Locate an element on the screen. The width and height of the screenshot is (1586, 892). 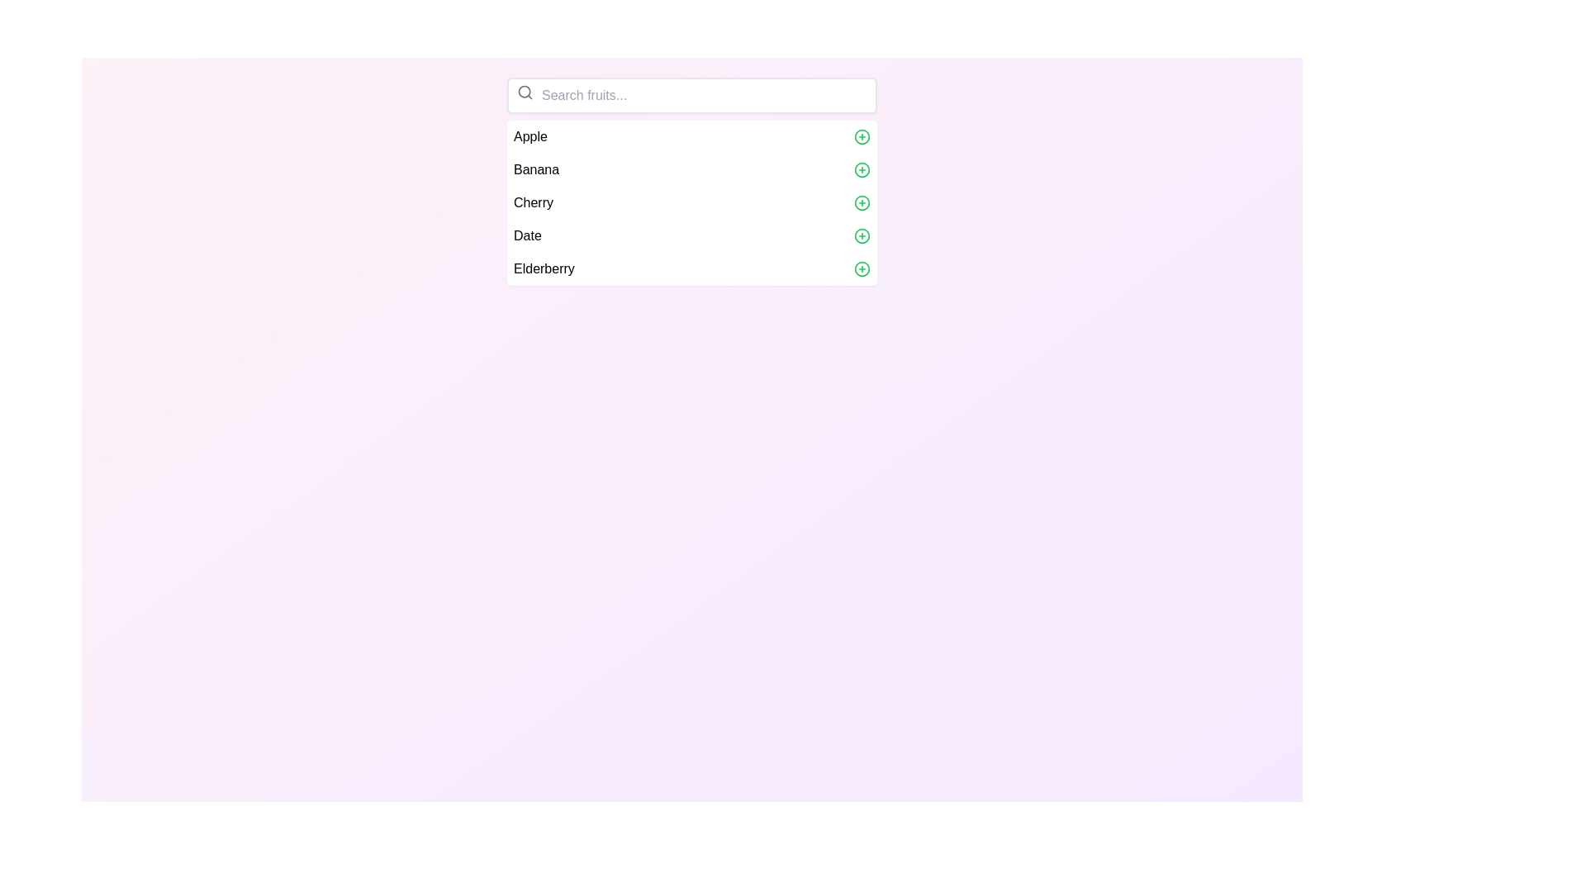
the '+' button located next to the text 'Apple' to get more information is located at coordinates (861, 135).